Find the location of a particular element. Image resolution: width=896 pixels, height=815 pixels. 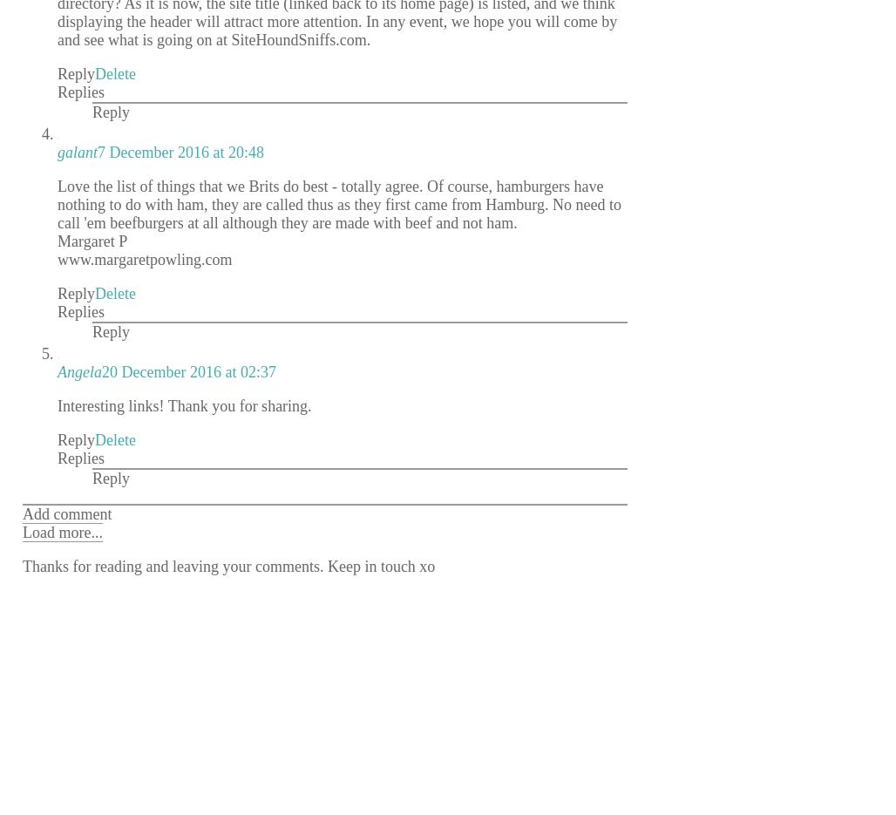

'Love the list of things that we Brits do best - totally agree.  Of course, hamburgers have nothing to do with ham, they are called thus as they first came from Hamburg.  No need to call 'em beefburgers at all although they are made with beef and not ham.' is located at coordinates (339, 204).